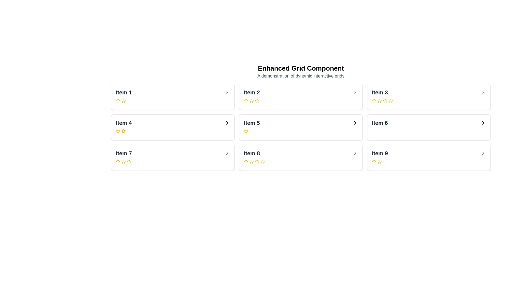  What do you see at coordinates (300, 92) in the screenshot?
I see `the navigational List item displaying 'Item 2'` at bounding box center [300, 92].